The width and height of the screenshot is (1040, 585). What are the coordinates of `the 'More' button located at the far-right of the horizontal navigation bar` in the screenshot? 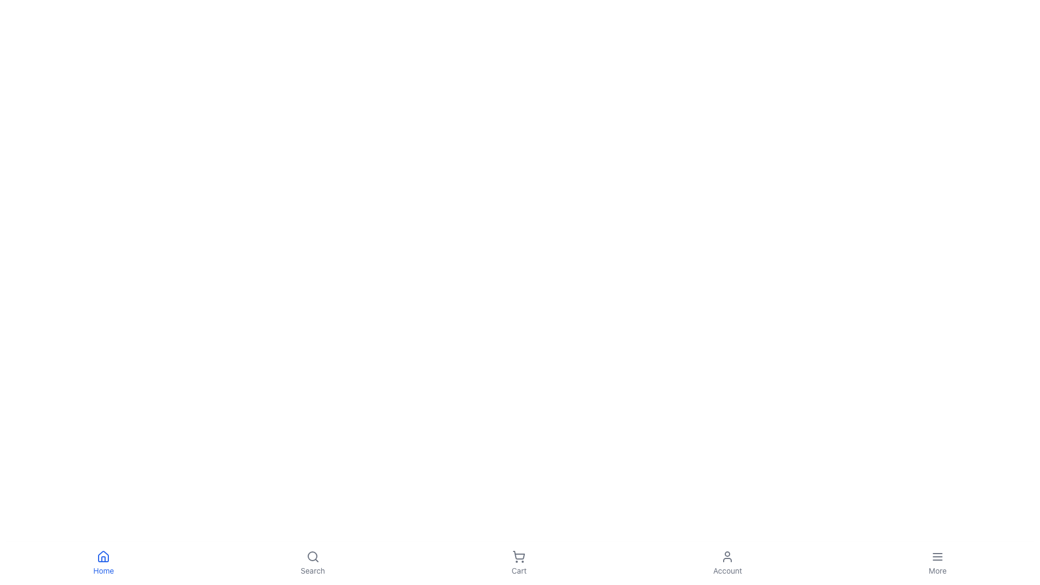 It's located at (937, 563).